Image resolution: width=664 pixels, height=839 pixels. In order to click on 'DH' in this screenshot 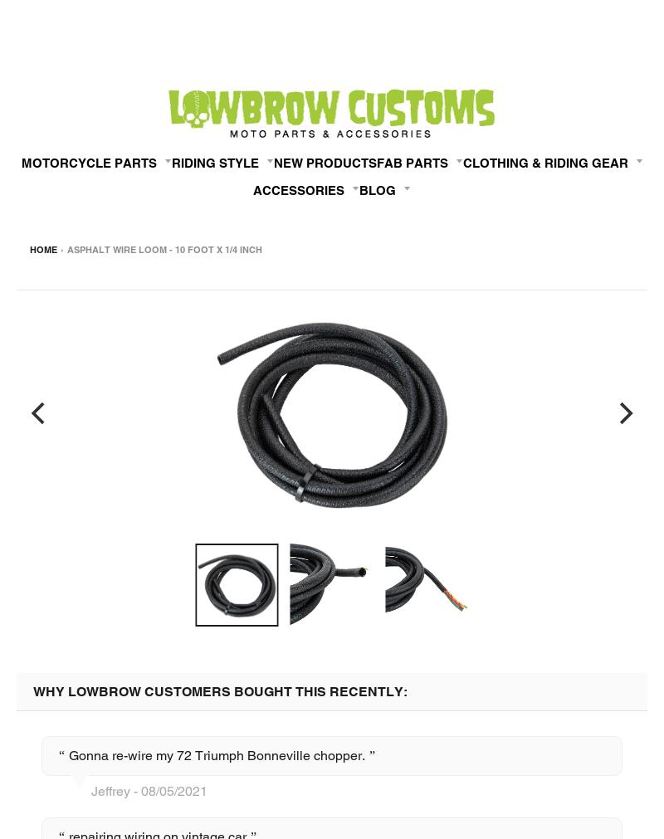, I will do `click(23, 668)`.